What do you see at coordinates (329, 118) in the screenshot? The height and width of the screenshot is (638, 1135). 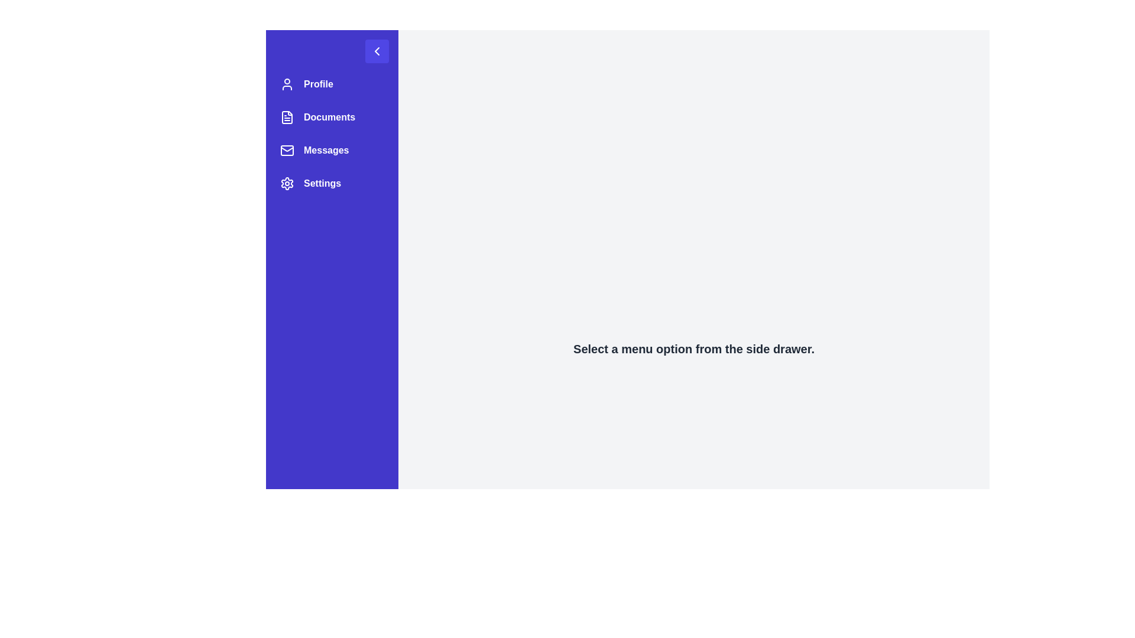 I see `the 'Documents' menu item in the vertical navigation sidebar` at bounding box center [329, 118].